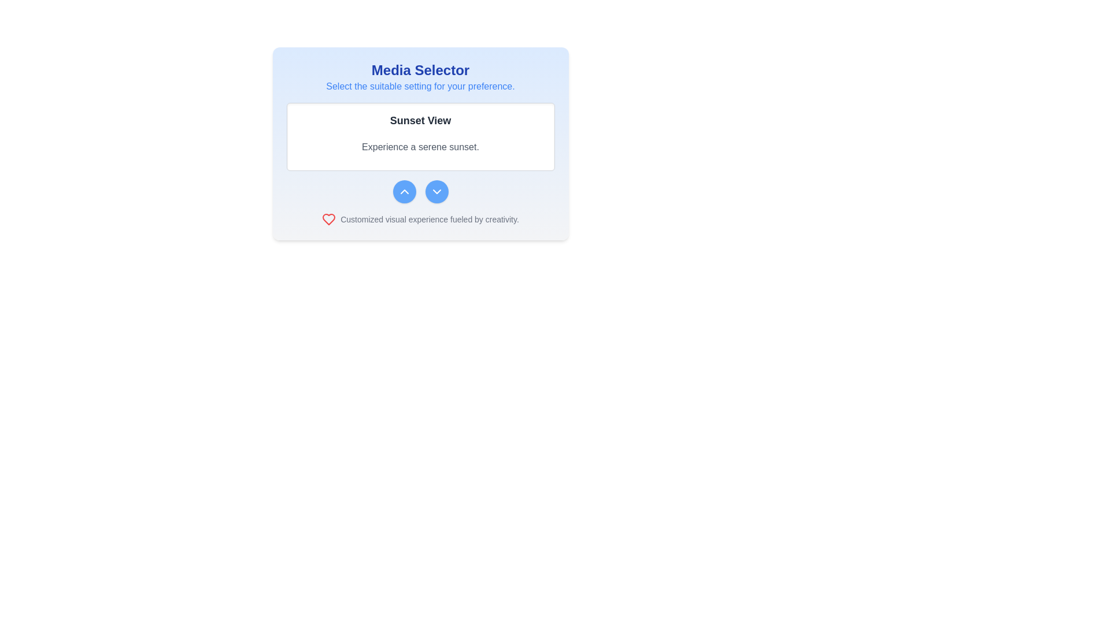  I want to click on the static text element that reads 'Customized visual experience fueled by creativity.' which is styled in a small gray font and positioned below the heart-shaped icon, so click(429, 220).